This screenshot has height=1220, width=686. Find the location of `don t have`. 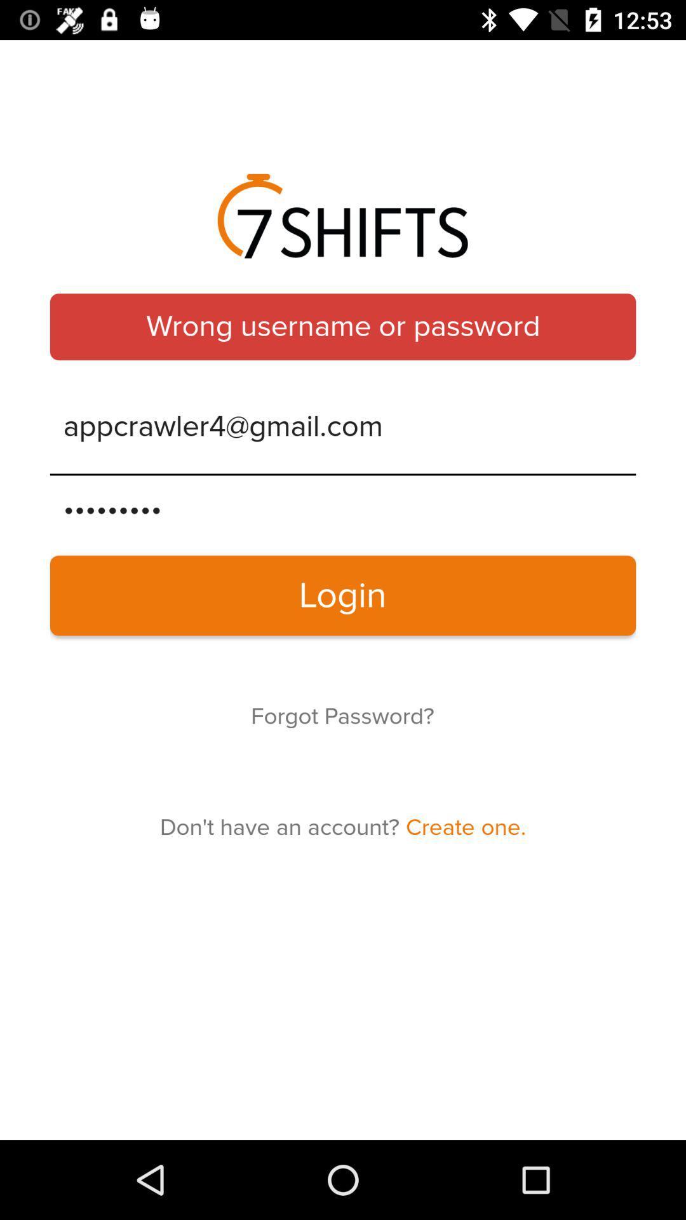

don t have is located at coordinates (343, 827).